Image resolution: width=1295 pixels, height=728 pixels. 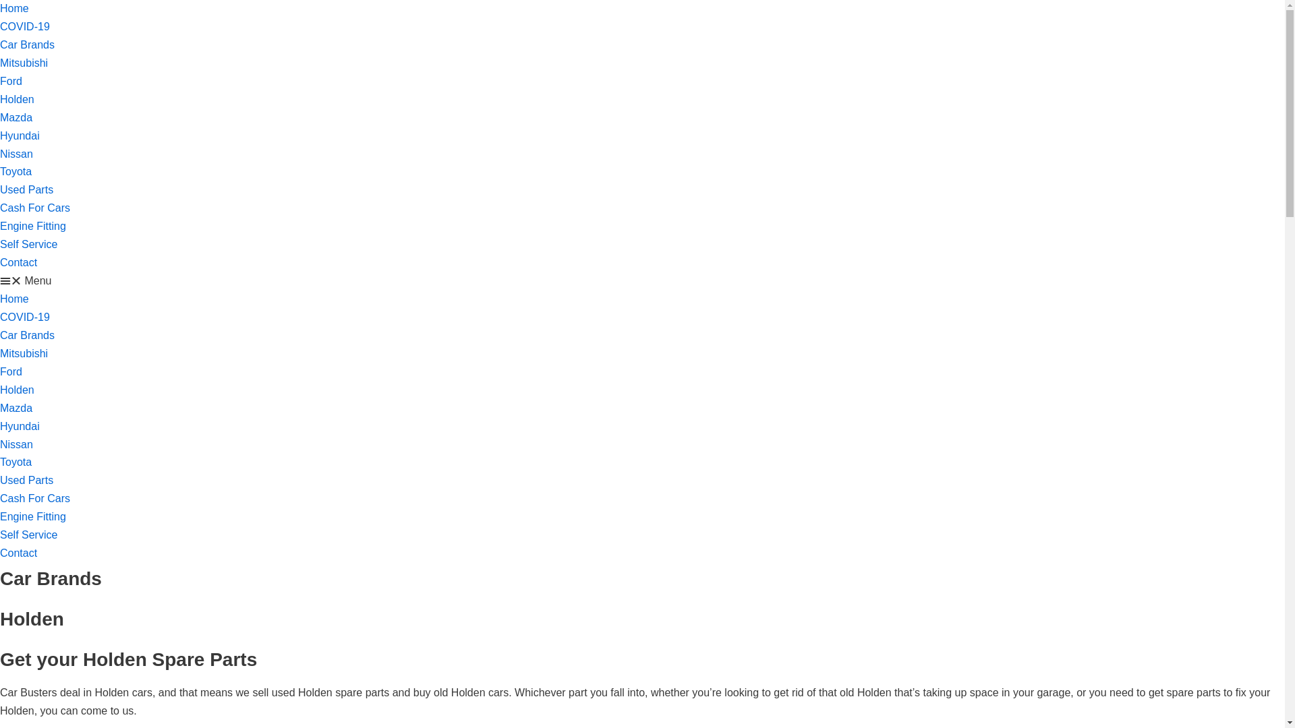 What do you see at coordinates (0, 7) in the screenshot?
I see `'Skip to content'` at bounding box center [0, 7].